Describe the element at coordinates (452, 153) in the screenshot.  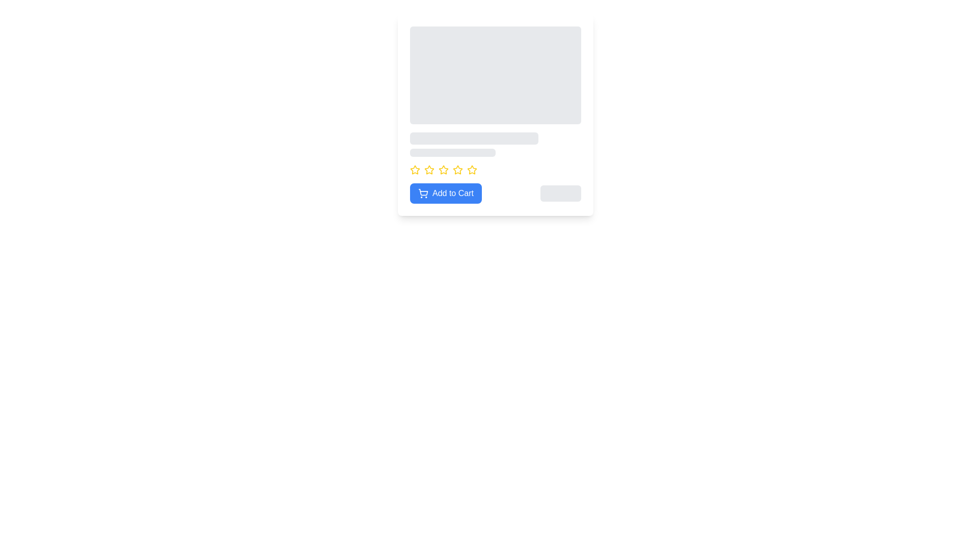
I see `the second placeholder component, which is located directly below a larger rectangular placeholder and above a row of yellow star icons` at that location.